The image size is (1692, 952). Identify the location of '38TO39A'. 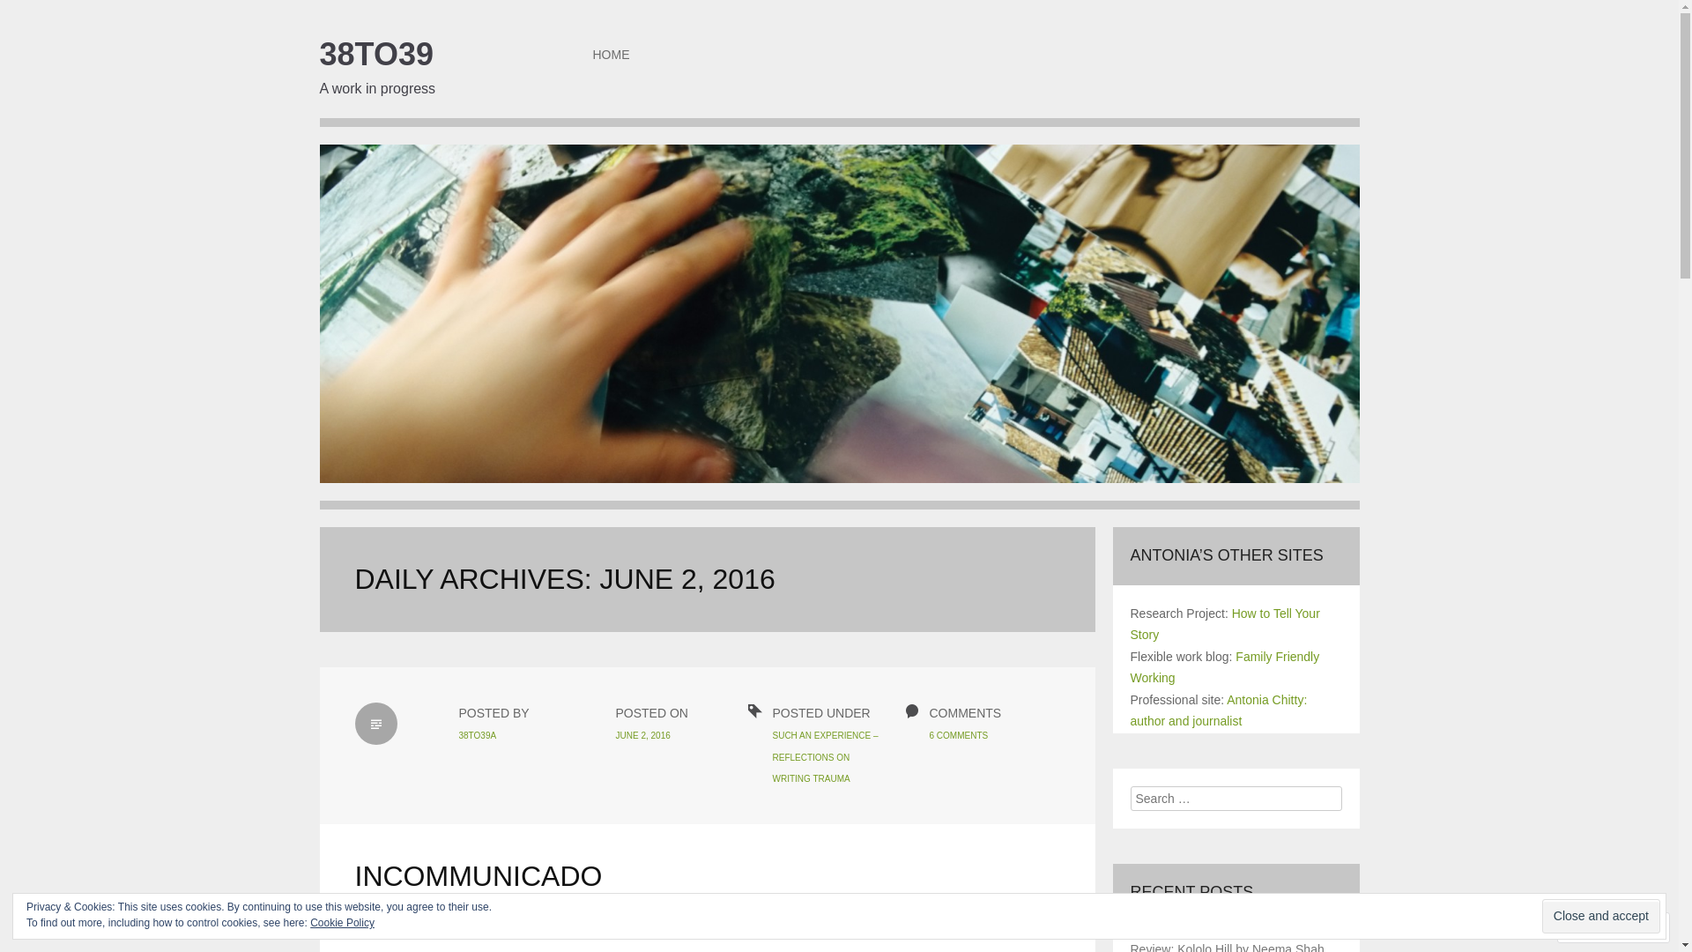
(477, 735).